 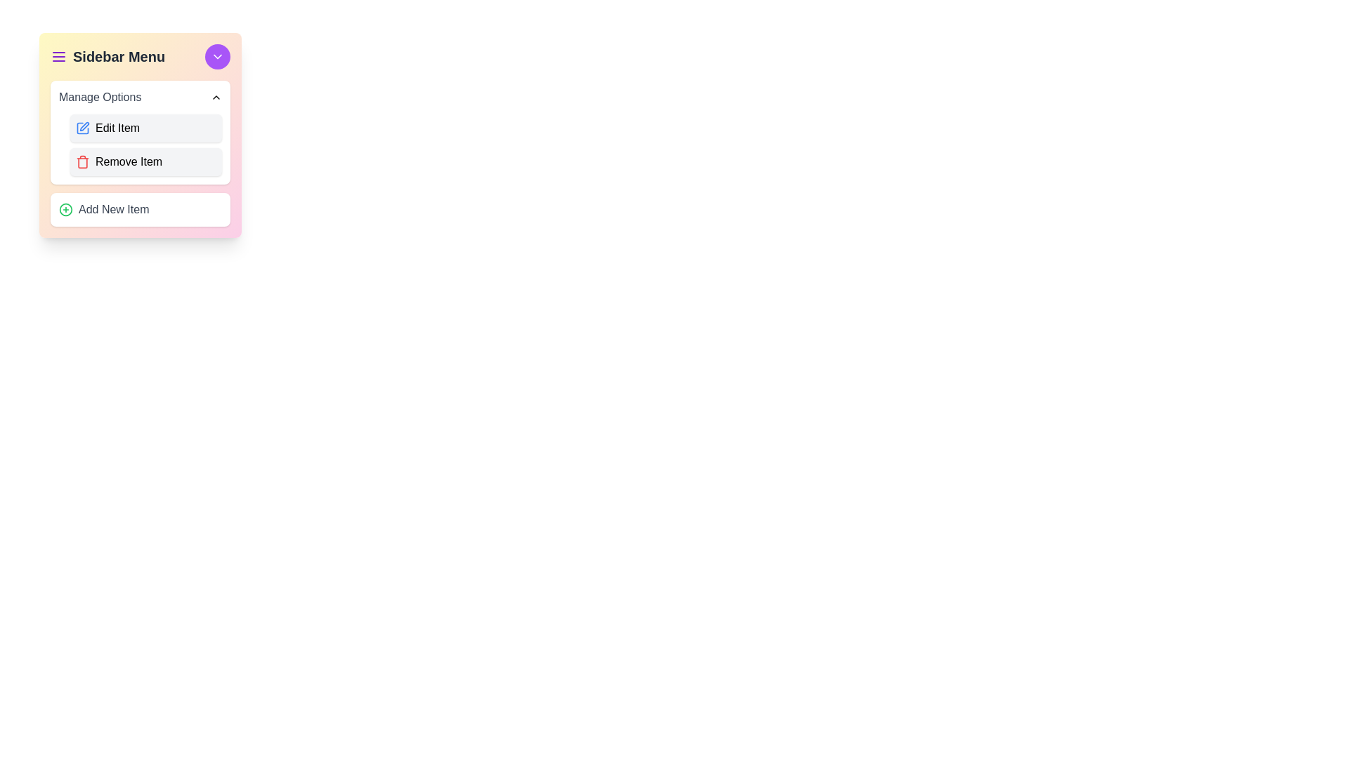 I want to click on the button that removes an item, located directly below the 'Edit Item' button in the 'Manage Options' section of the sidebar menu, so click(x=145, y=161).